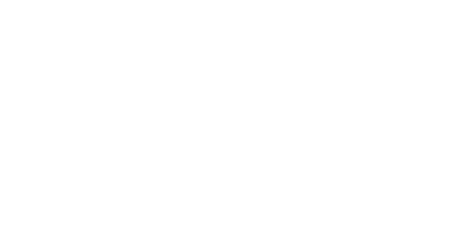 Image resolution: width=467 pixels, height=226 pixels. Describe the element at coordinates (322, 219) in the screenshot. I see `'Introduction to ASP.NET'` at that location.